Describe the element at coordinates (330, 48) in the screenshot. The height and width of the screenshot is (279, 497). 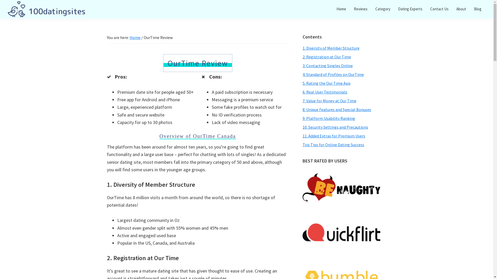
I see `'1. Diversity of Member Structure'` at that location.